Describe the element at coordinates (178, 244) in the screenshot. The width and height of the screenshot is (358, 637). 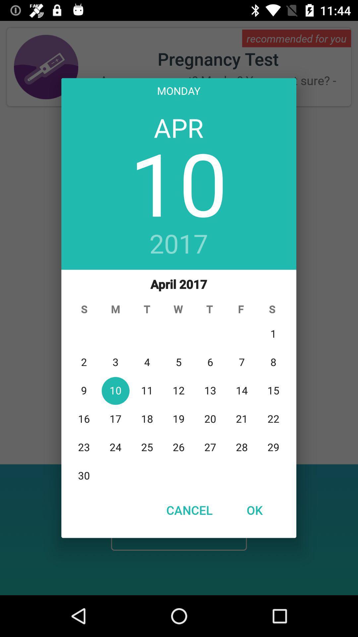
I see `app below the 10 app` at that location.